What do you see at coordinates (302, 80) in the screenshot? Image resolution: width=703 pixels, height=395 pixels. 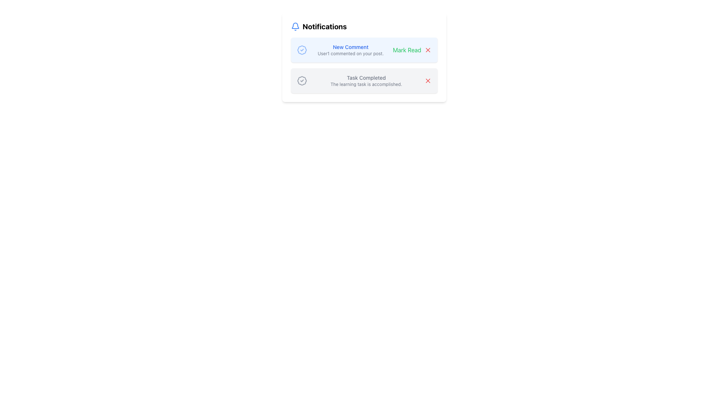 I see `the circular badge icon with a gray outline and a check mark, which is positioned to the left of the 'Task Completed' text` at bounding box center [302, 80].